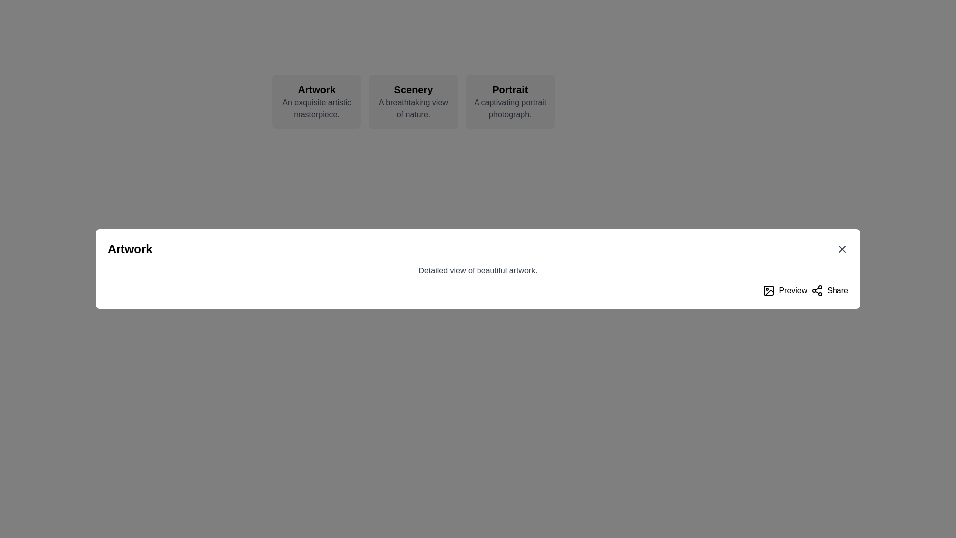  What do you see at coordinates (413, 109) in the screenshot?
I see `the descriptive text label located directly below the title 'Scenery' to possibly see a tooltip` at bounding box center [413, 109].